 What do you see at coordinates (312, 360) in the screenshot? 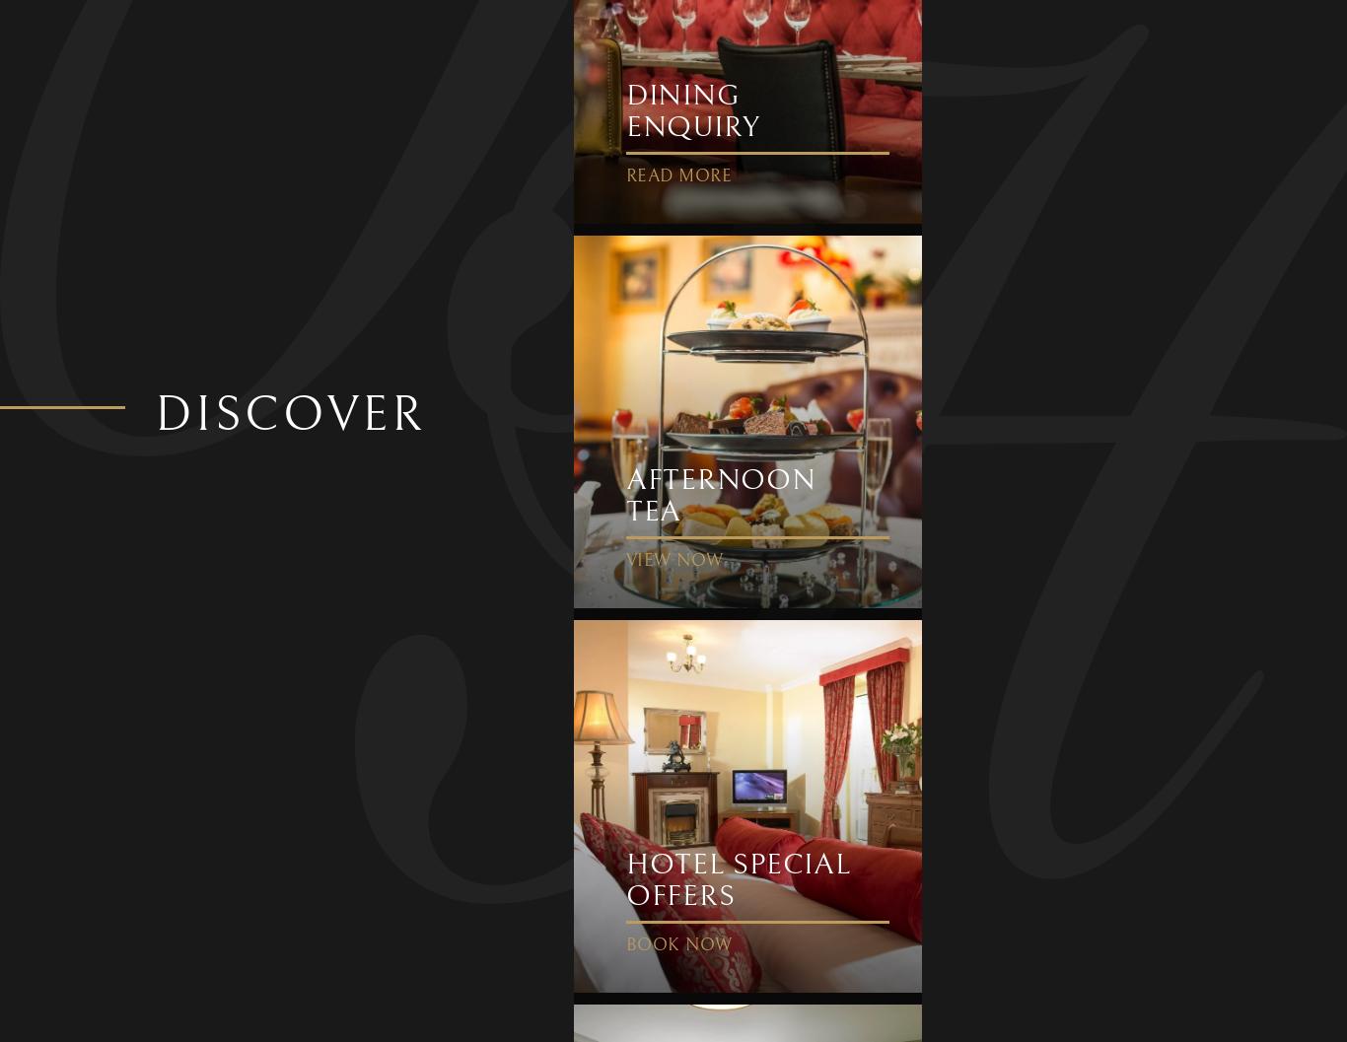
I see `'Gallery'` at bounding box center [312, 360].